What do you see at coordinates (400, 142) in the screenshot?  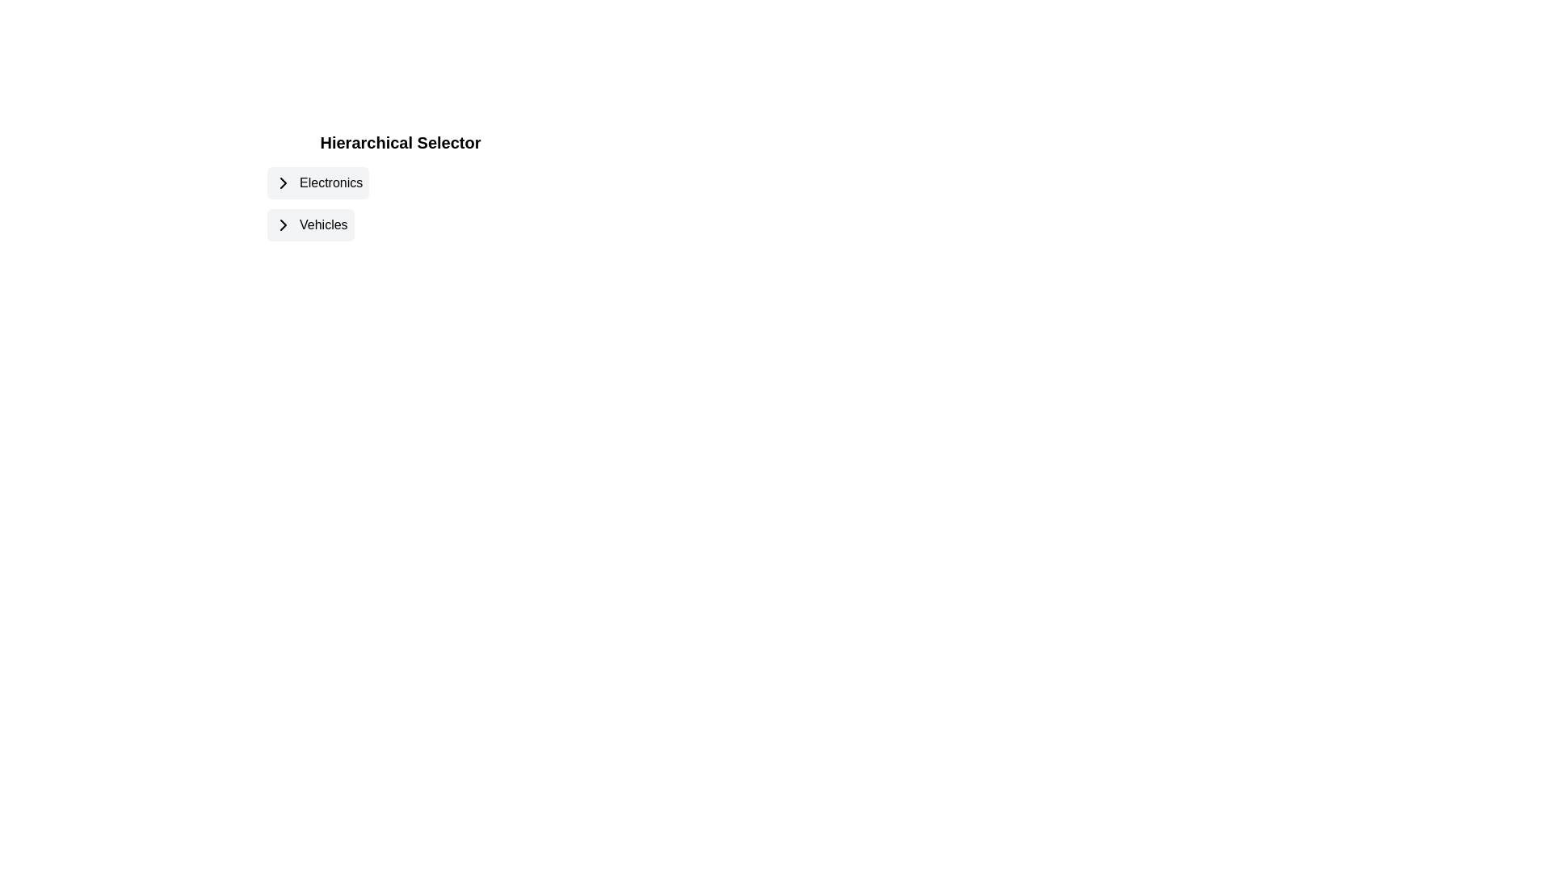 I see `the Text Label that serves as a title or header for the section, which is positioned above the 'Electronics' and 'Vehicles' elements and centered horizontally` at bounding box center [400, 142].